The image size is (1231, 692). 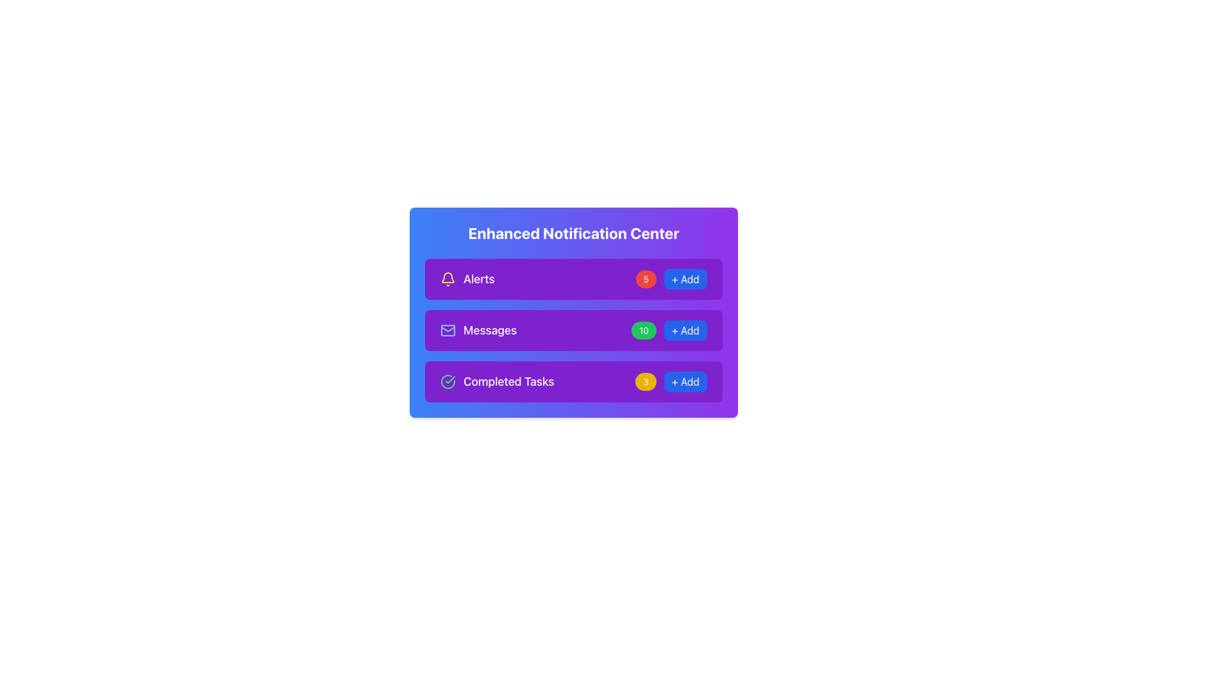 I want to click on the 'Alerts' text label with a bell icon for navigation, so click(x=467, y=278).